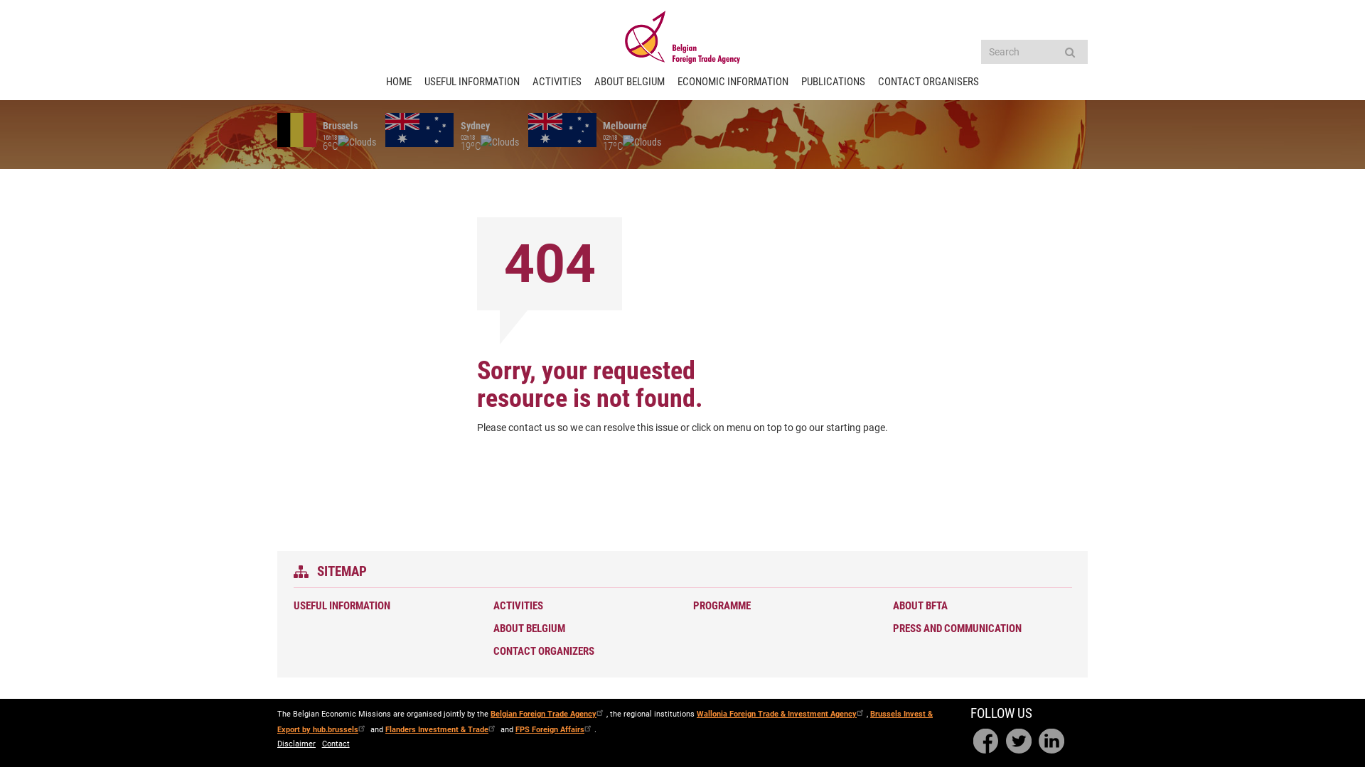 This screenshot has height=767, width=1365. I want to click on 'Disclaimer', so click(296, 744).